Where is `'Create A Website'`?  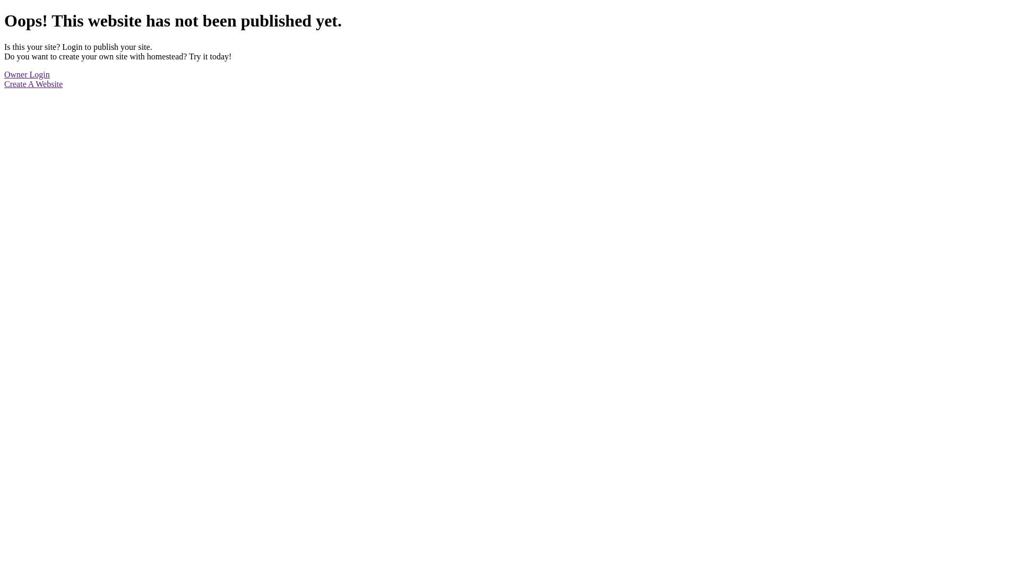 'Create A Website' is located at coordinates (33, 83).